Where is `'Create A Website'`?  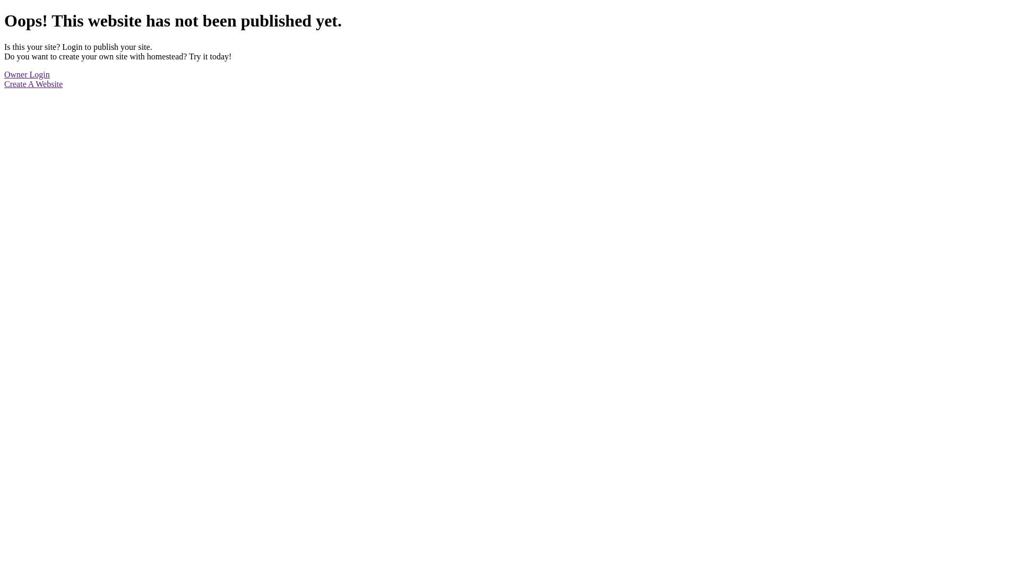 'Create A Website' is located at coordinates (33, 83).